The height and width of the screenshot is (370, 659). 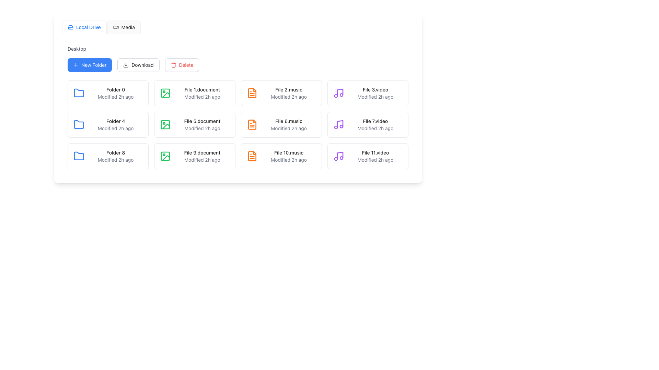 I want to click on the Clickable folder item labeled 'Folder 4' which has a blue folder icon on the left and displays 'Modified 2h ago' below it, so click(x=108, y=124).